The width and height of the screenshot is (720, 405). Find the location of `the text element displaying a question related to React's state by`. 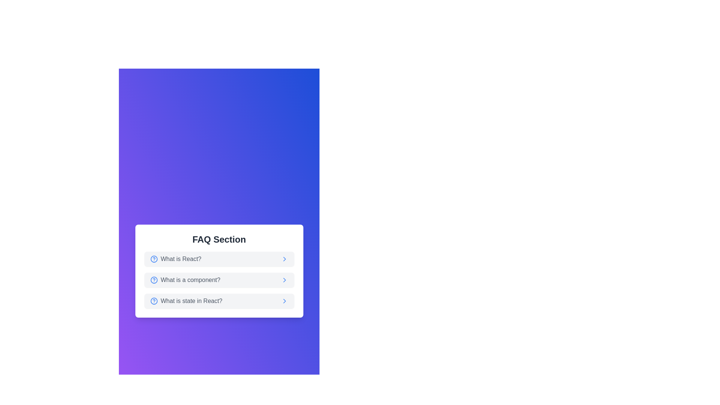

the text element displaying a question related to React's state by is located at coordinates (186, 300).